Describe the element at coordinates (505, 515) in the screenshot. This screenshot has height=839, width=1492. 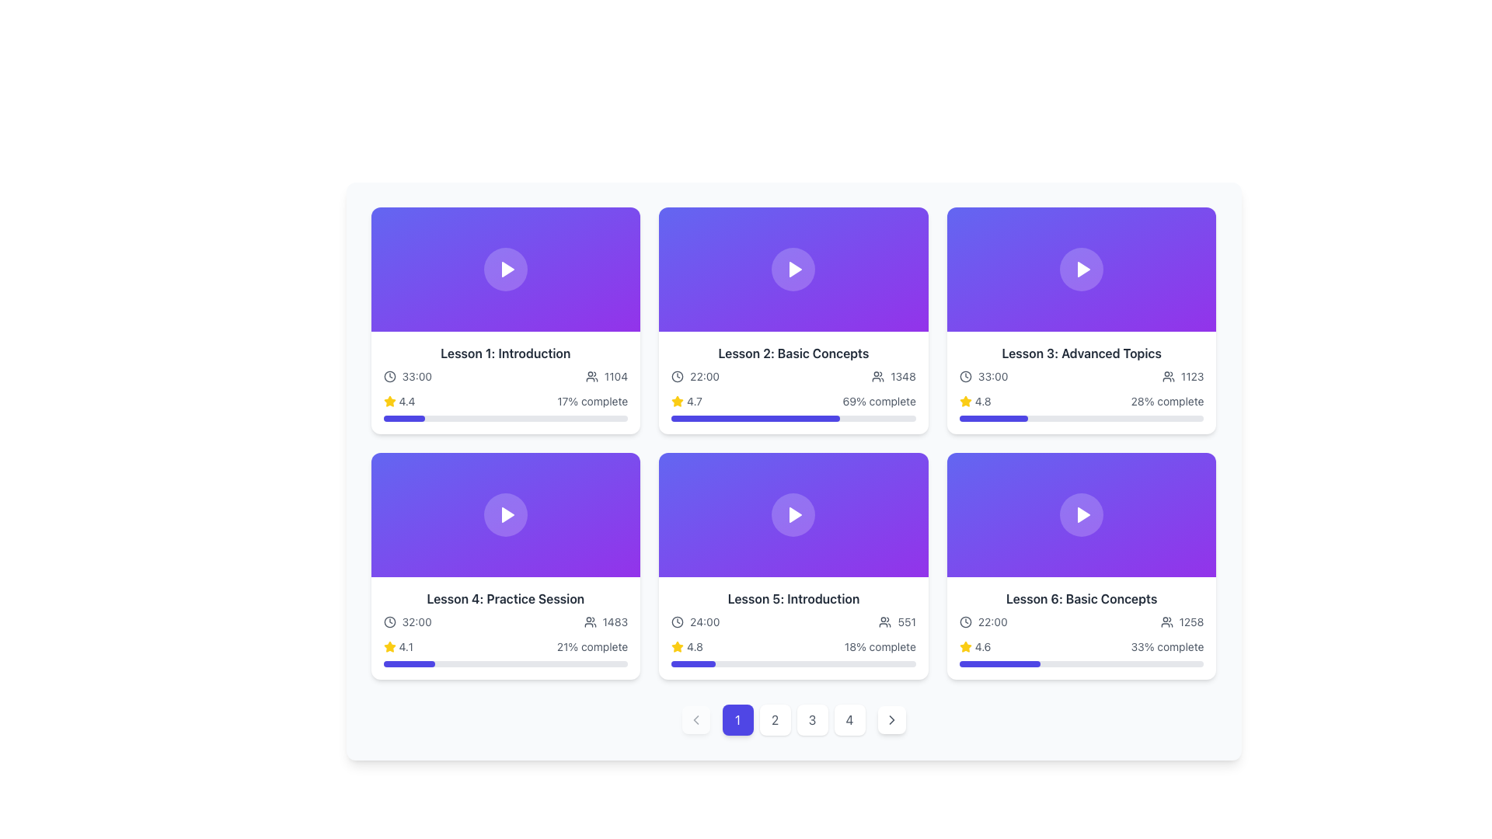
I see `the circular button with a semi-transparent white overlay and a centered play icon in the card labeled 'Lesson 4: Practice Session' to play the associated content` at that location.